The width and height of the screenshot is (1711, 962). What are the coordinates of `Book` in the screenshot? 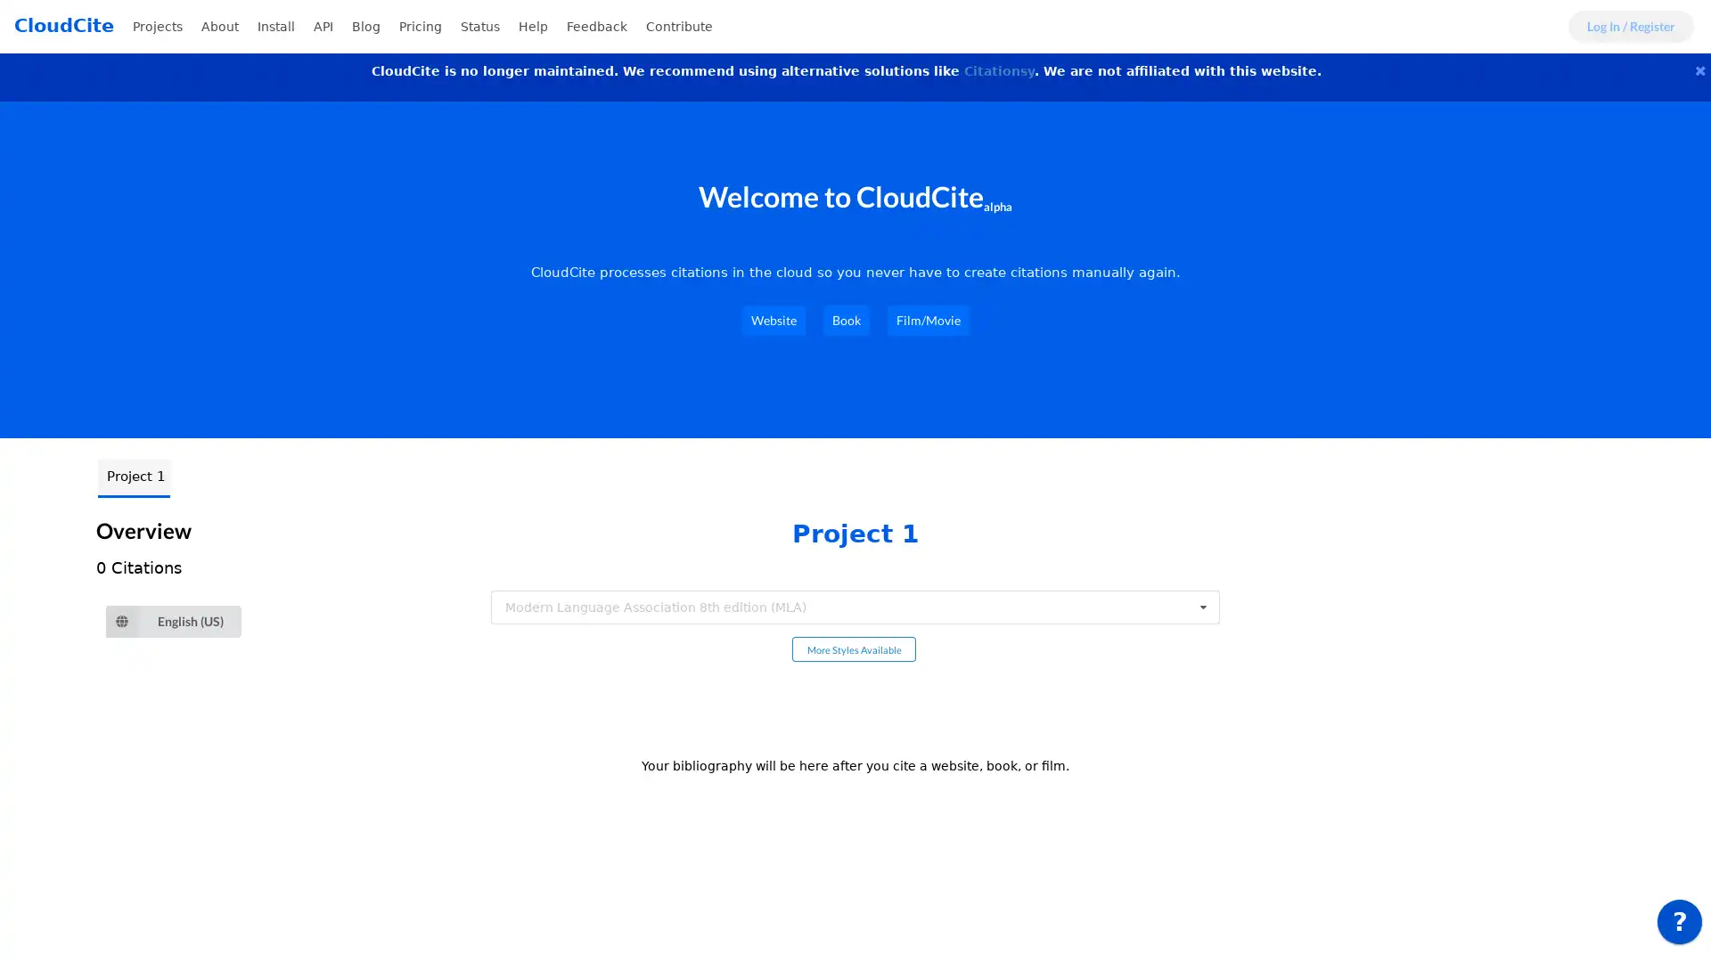 It's located at (845, 319).